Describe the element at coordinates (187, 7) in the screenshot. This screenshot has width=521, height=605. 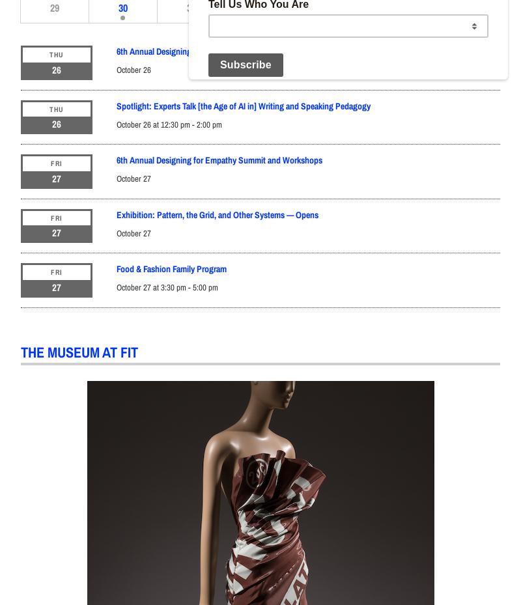
I see `'31'` at that location.